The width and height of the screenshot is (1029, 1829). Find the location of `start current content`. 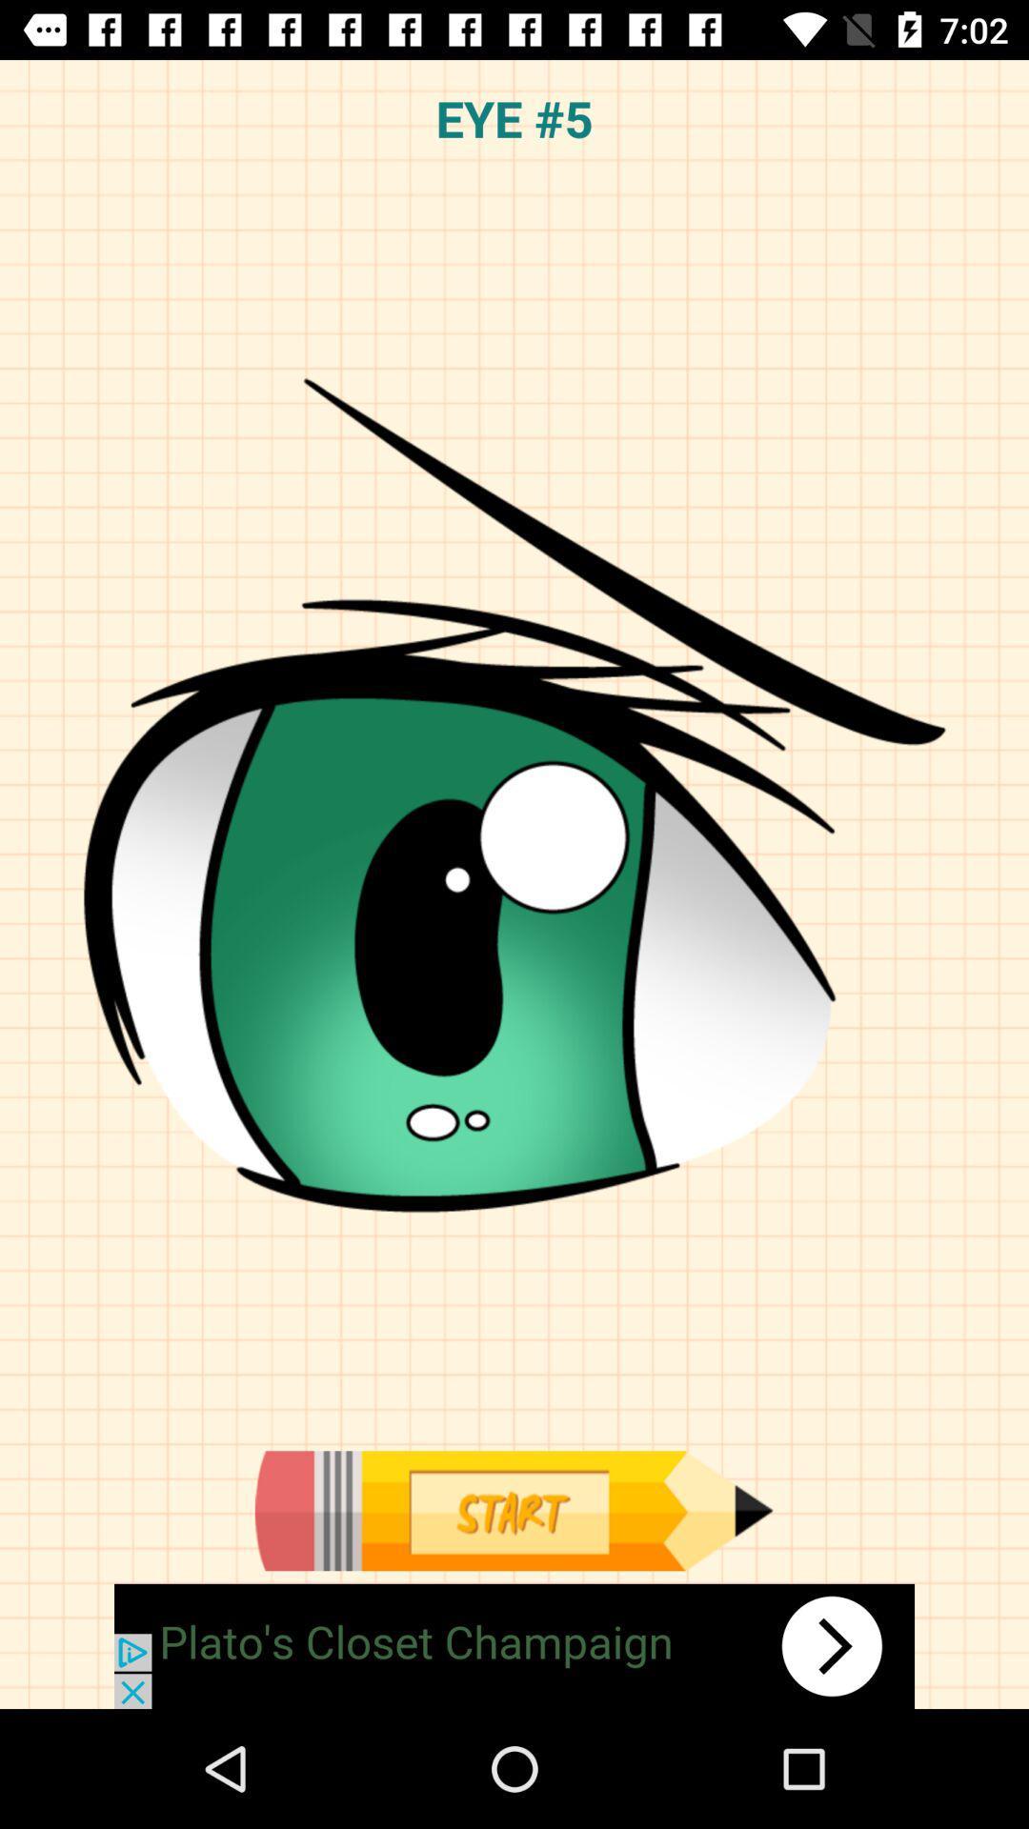

start current content is located at coordinates (513, 1510).